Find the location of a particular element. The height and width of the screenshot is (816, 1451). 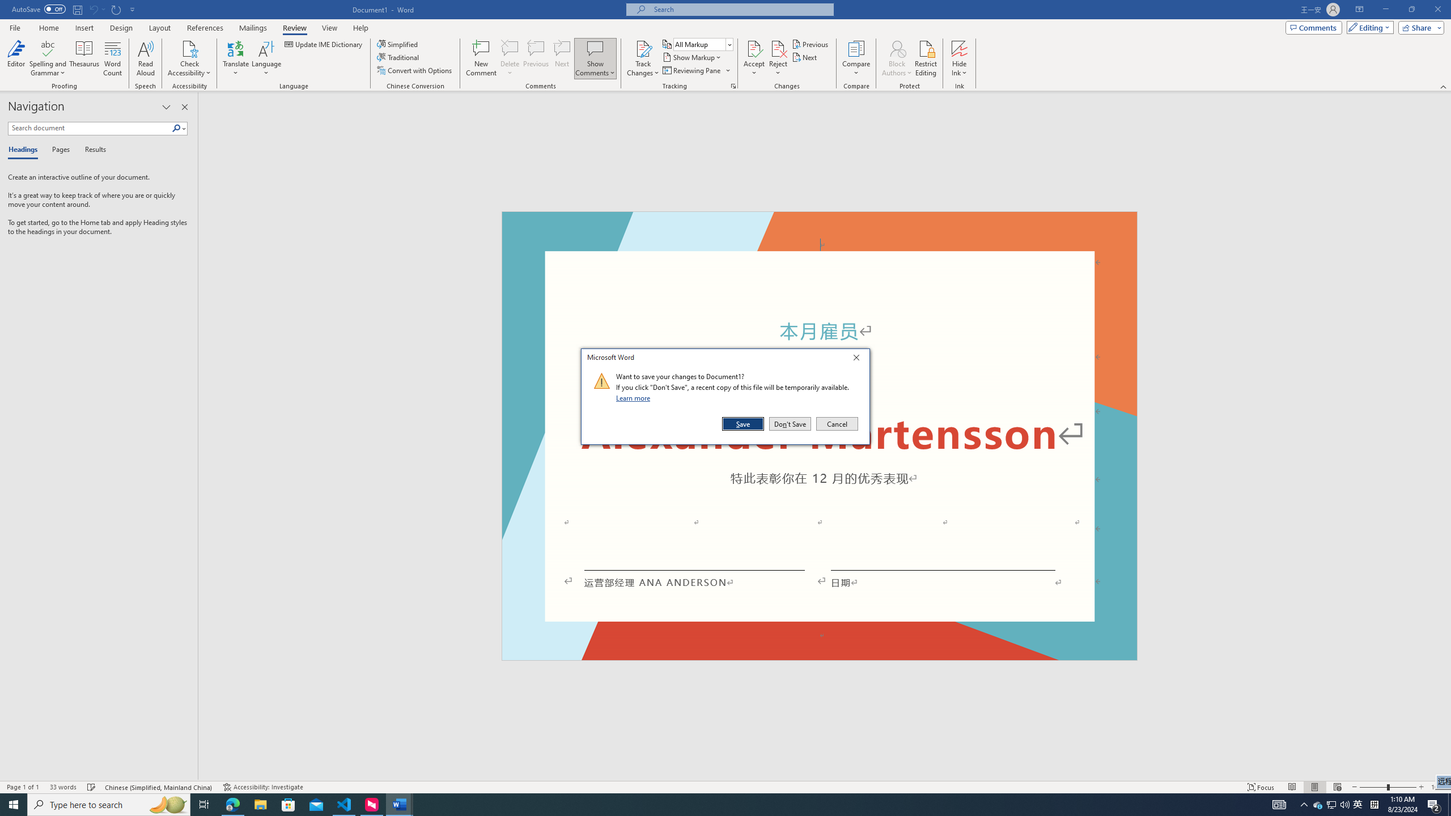

'Notification Chevron' is located at coordinates (1304, 804).